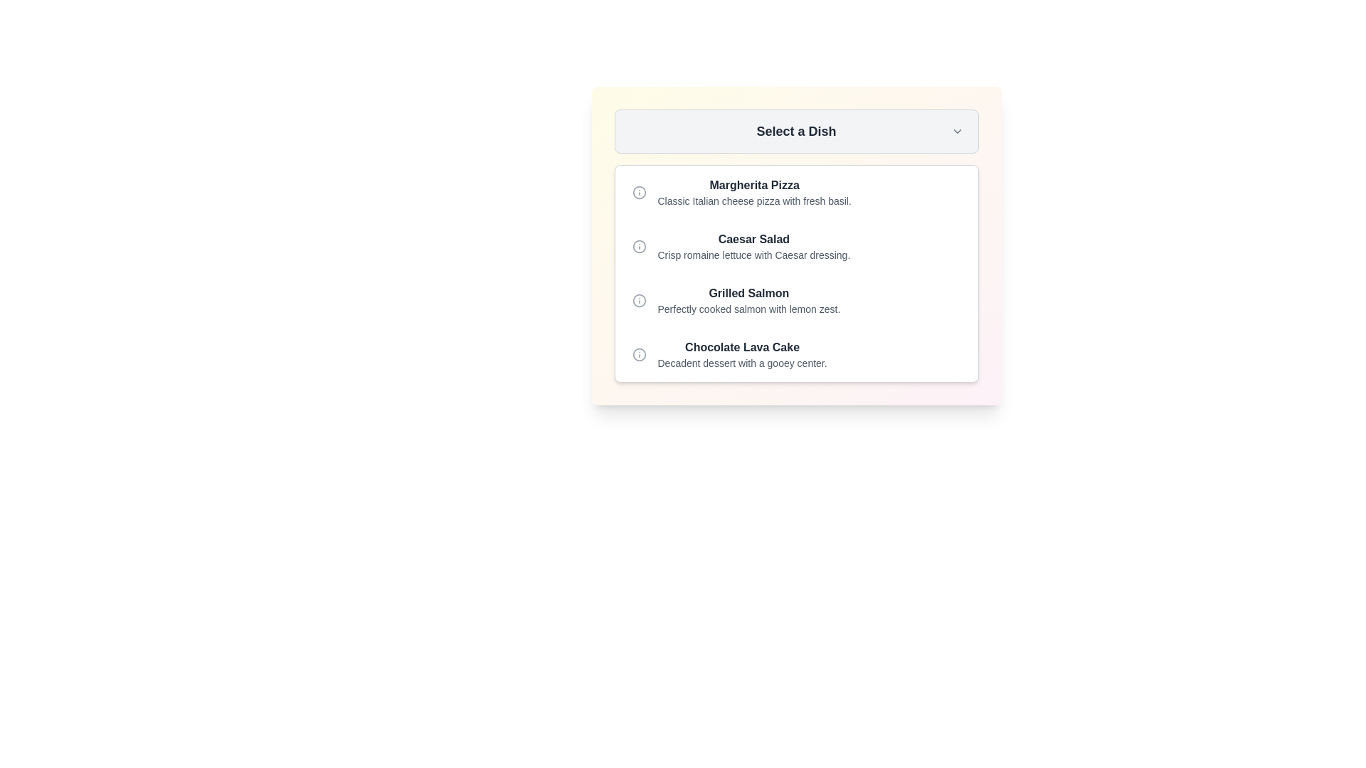 This screenshot has height=768, width=1366. Describe the element at coordinates (748, 309) in the screenshot. I see `description text element displaying 'Perfectly cooked salmon with lemon zest.' positioned below the title 'Grilled Salmon.'` at that location.